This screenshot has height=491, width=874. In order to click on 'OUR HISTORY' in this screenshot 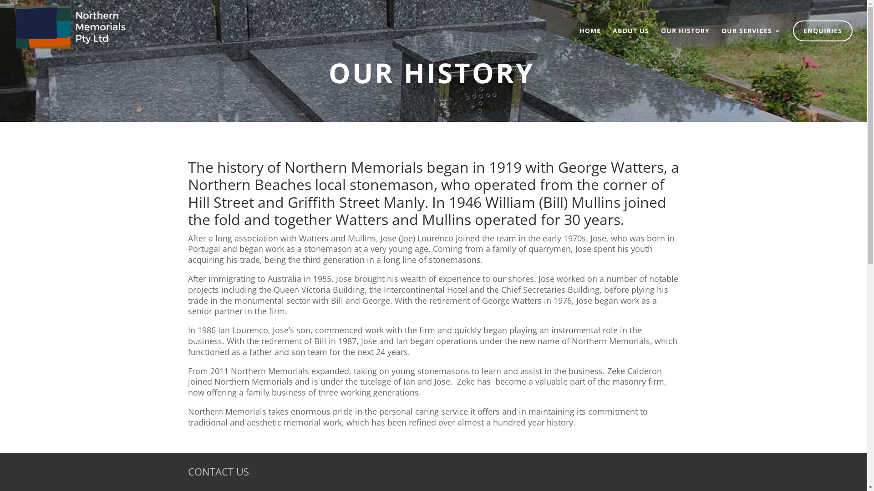, I will do `click(661, 41)`.